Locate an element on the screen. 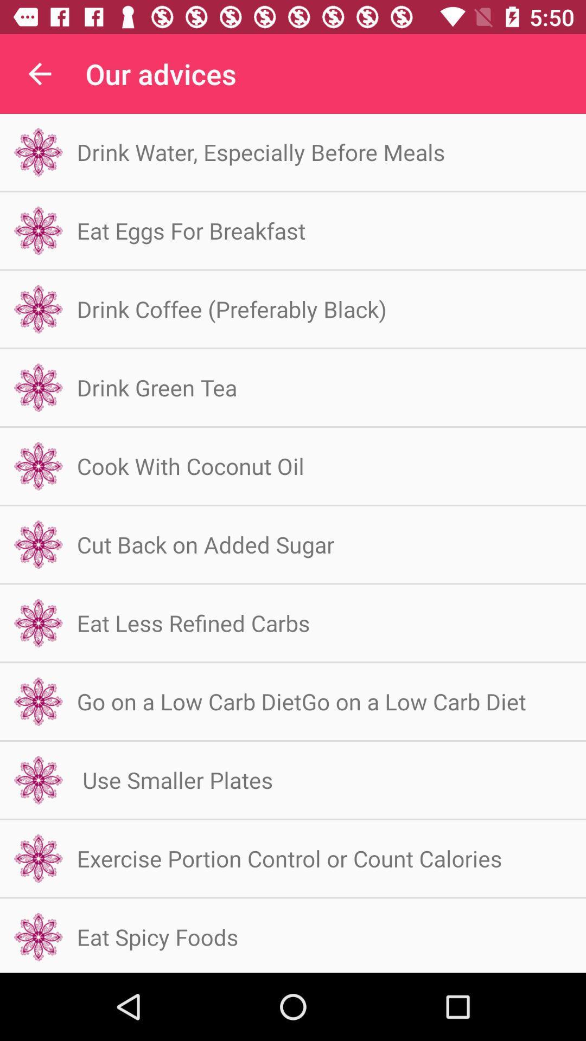 Image resolution: width=586 pixels, height=1041 pixels. the  use smaller plates icon is located at coordinates (174, 779).